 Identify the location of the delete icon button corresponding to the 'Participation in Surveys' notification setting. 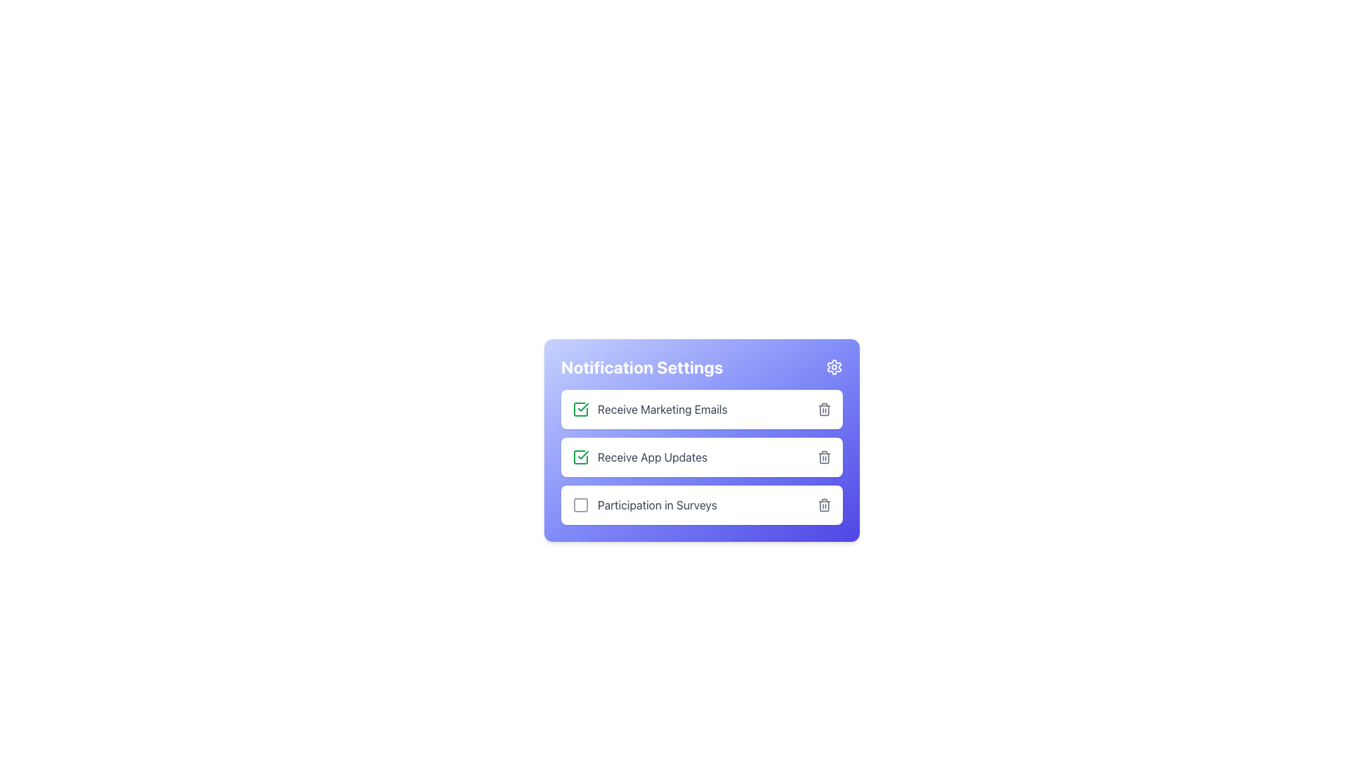
(825, 504).